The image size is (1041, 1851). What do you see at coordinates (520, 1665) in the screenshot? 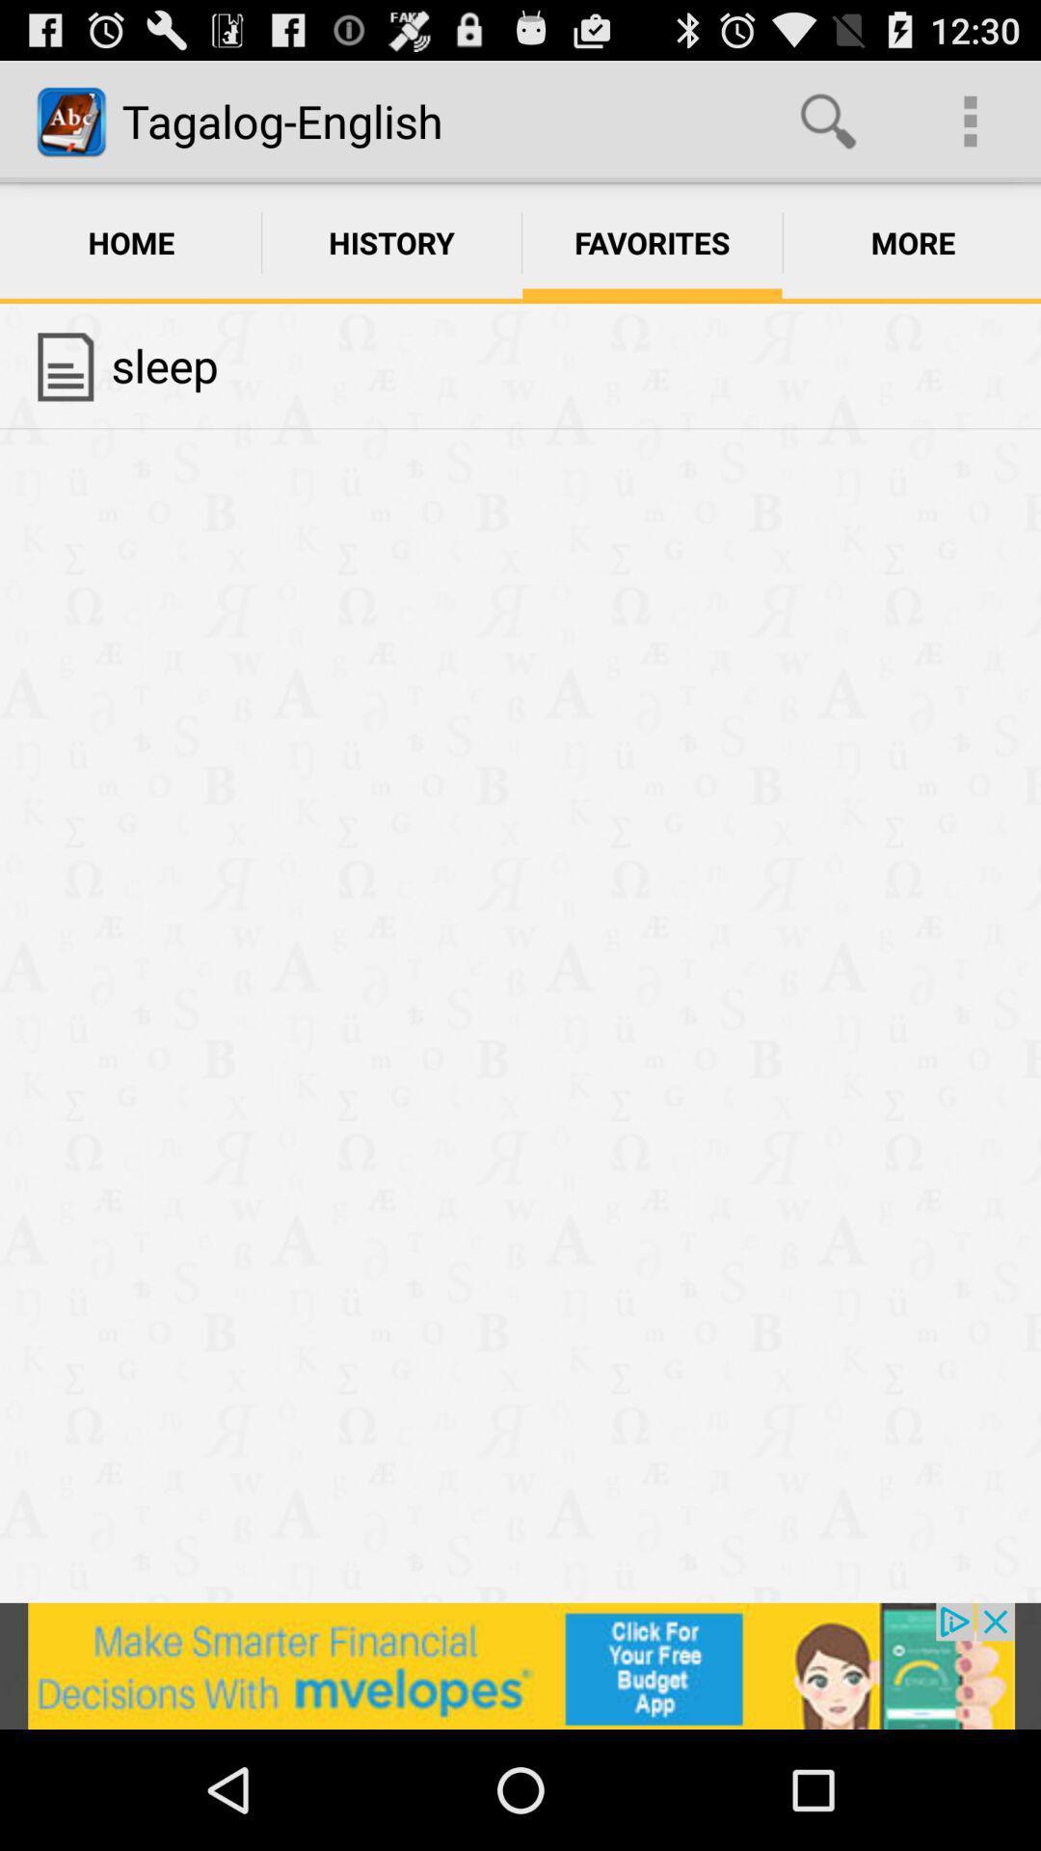
I see `advertisement` at bounding box center [520, 1665].